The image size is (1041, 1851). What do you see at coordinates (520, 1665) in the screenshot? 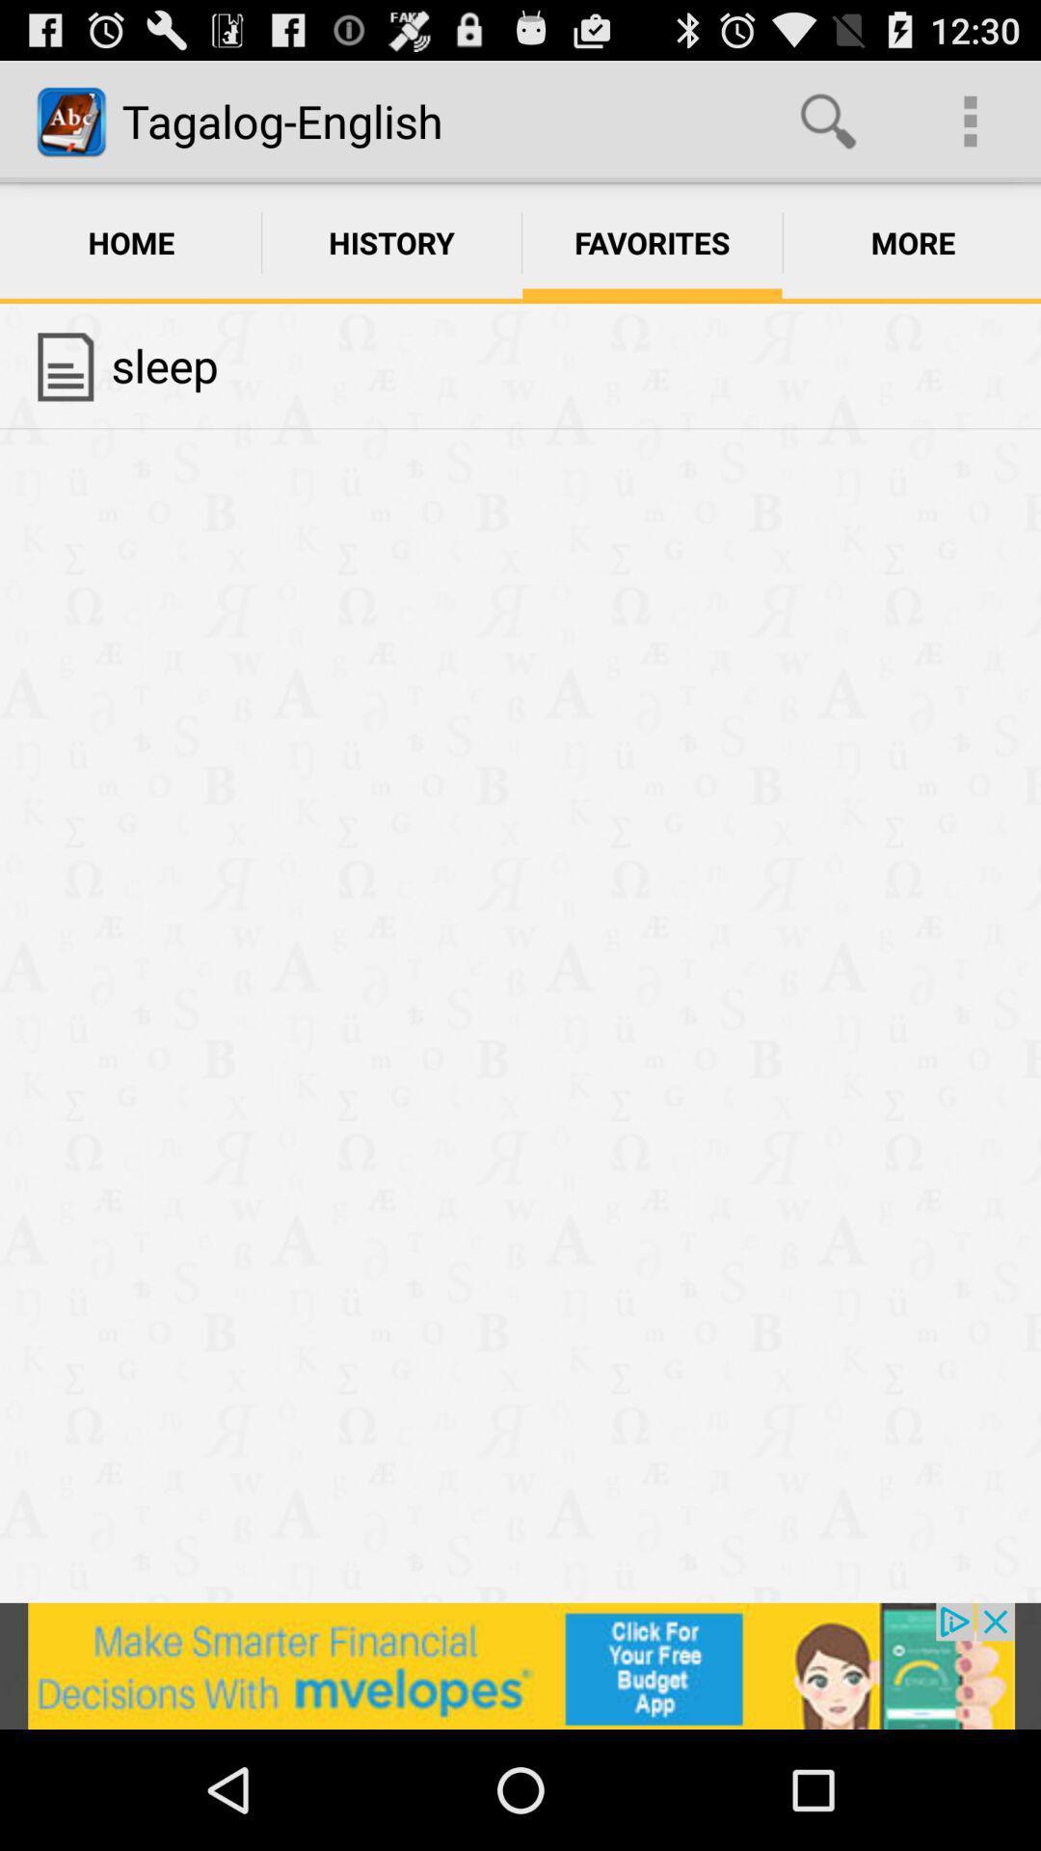
I see `advertisement` at bounding box center [520, 1665].